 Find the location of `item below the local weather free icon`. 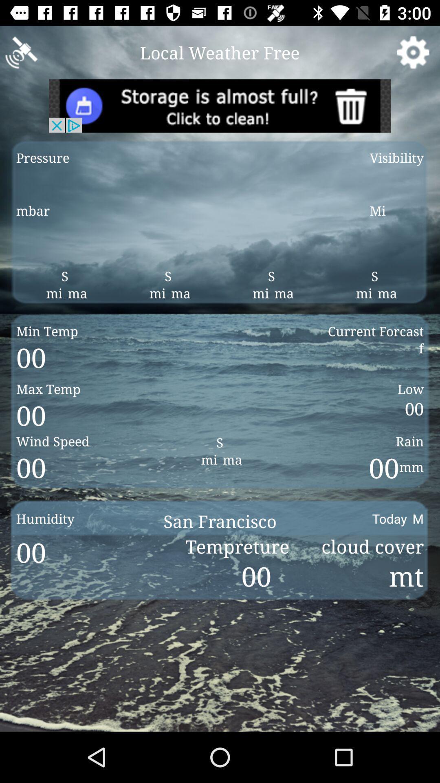

item below the local weather free icon is located at coordinates (220, 105).